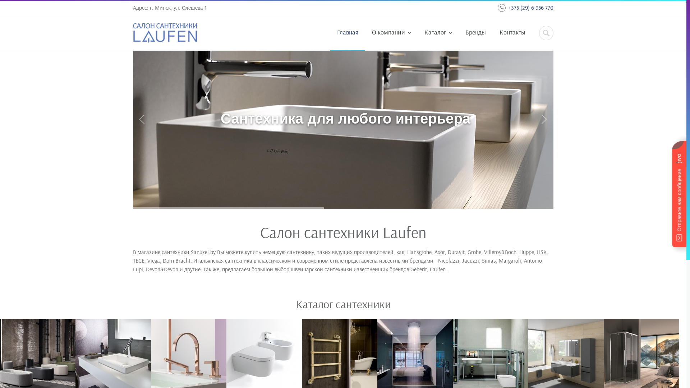 This screenshot has height=388, width=690. What do you see at coordinates (531, 7) in the screenshot?
I see `'+375 (29) 6 956 770'` at bounding box center [531, 7].